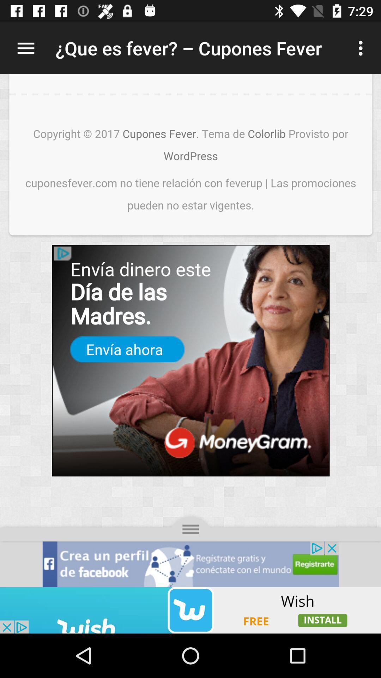 The image size is (381, 678). What do you see at coordinates (190, 330) in the screenshot?
I see `moneygram page` at bounding box center [190, 330].